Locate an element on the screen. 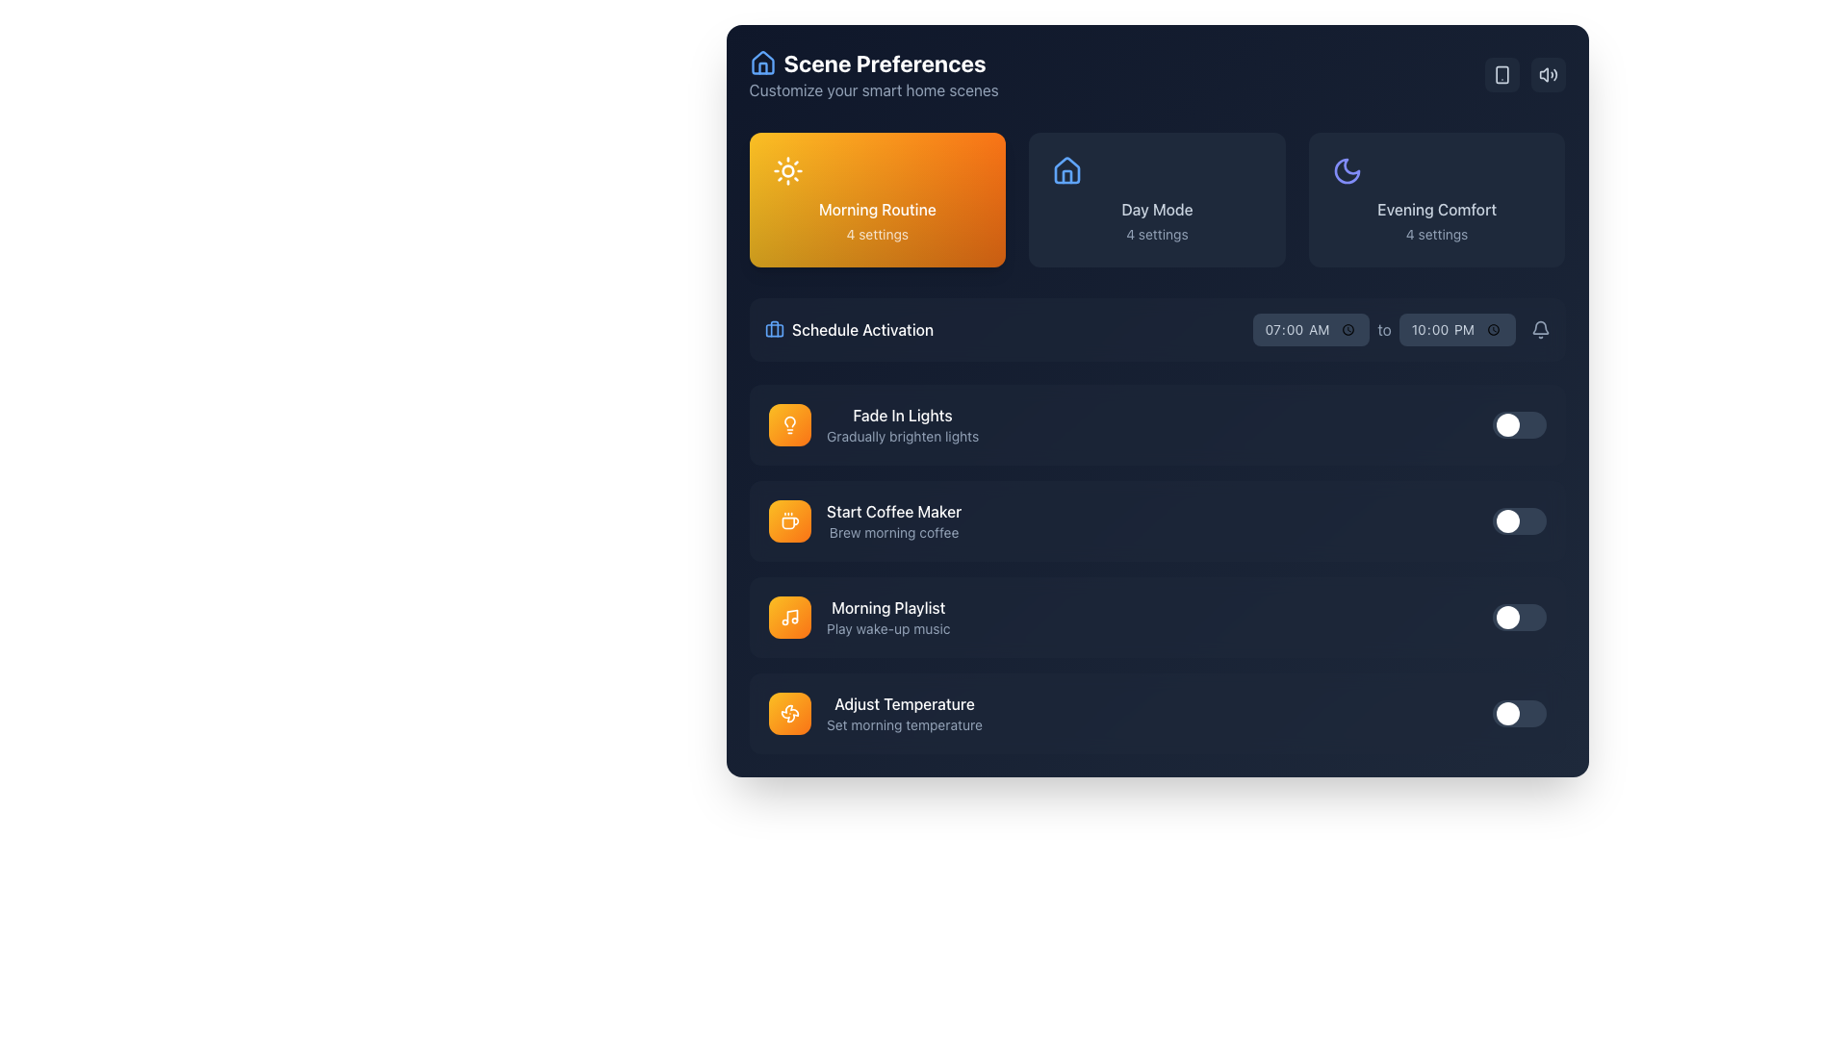 The width and height of the screenshot is (1848, 1039). the Label element titled 'Adjust Temperature' which is located at the bottom of the 'Scene Preferences' panel, featuring an icon with a fan symbol and two lines of text is located at coordinates (874, 713).